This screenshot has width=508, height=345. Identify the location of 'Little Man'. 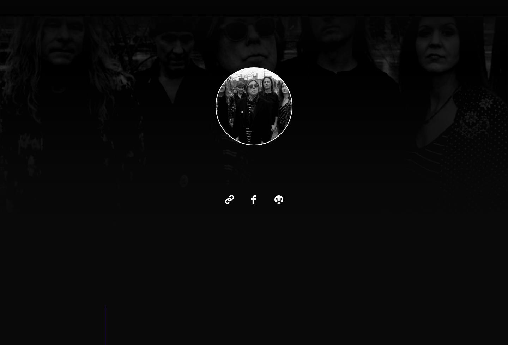
(205, 139).